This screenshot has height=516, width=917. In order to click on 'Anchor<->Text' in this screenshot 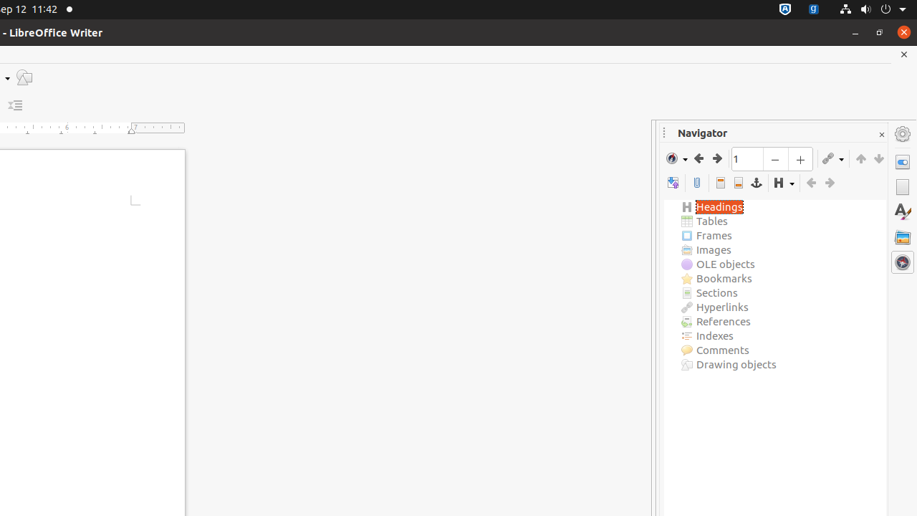, I will do `click(755, 182)`.